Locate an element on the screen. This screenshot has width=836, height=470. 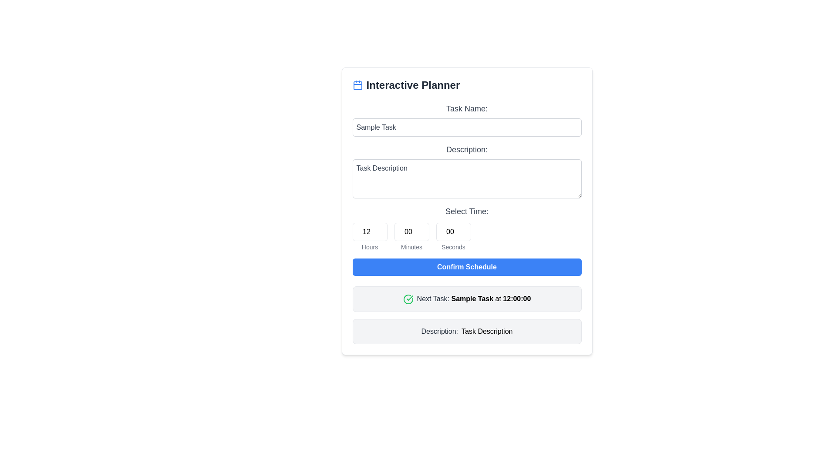
the 'Description:' label, which is styled in grayish color and located in a light gray rounded box at the bottom of the interface is located at coordinates (439, 331).